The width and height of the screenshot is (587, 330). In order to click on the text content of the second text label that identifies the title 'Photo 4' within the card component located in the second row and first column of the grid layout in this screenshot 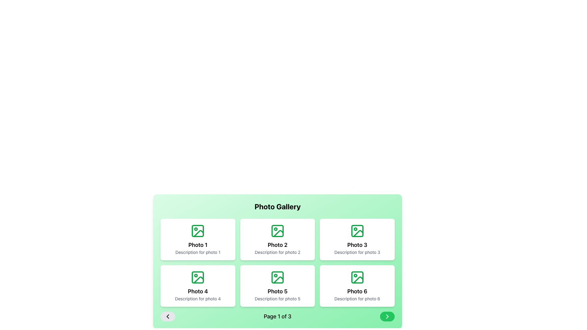, I will do `click(198, 291)`.